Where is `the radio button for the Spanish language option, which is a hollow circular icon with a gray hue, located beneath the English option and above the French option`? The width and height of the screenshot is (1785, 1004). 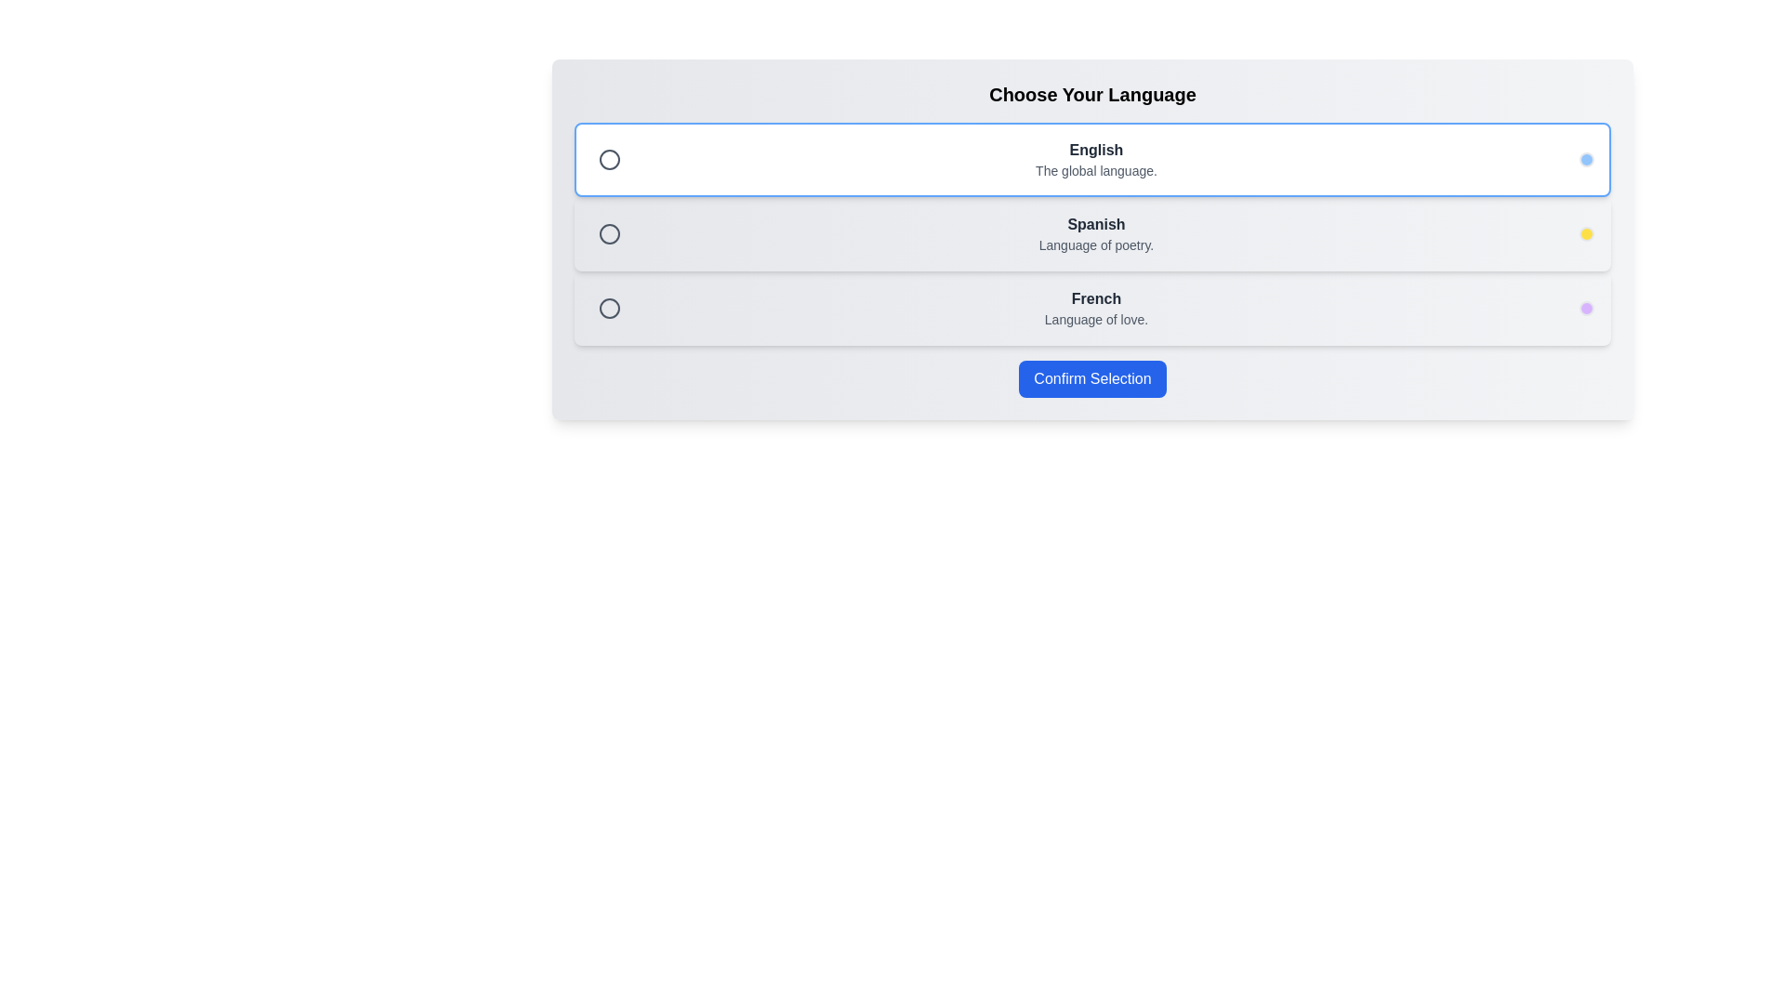 the radio button for the Spanish language option, which is a hollow circular icon with a gray hue, located beneath the English option and above the French option is located at coordinates (610, 232).